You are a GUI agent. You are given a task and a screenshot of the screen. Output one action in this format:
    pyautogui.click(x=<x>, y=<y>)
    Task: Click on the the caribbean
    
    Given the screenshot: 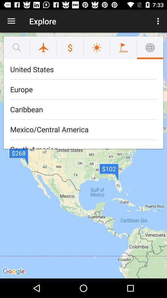 What is the action you would take?
    pyautogui.click(x=83, y=109)
    